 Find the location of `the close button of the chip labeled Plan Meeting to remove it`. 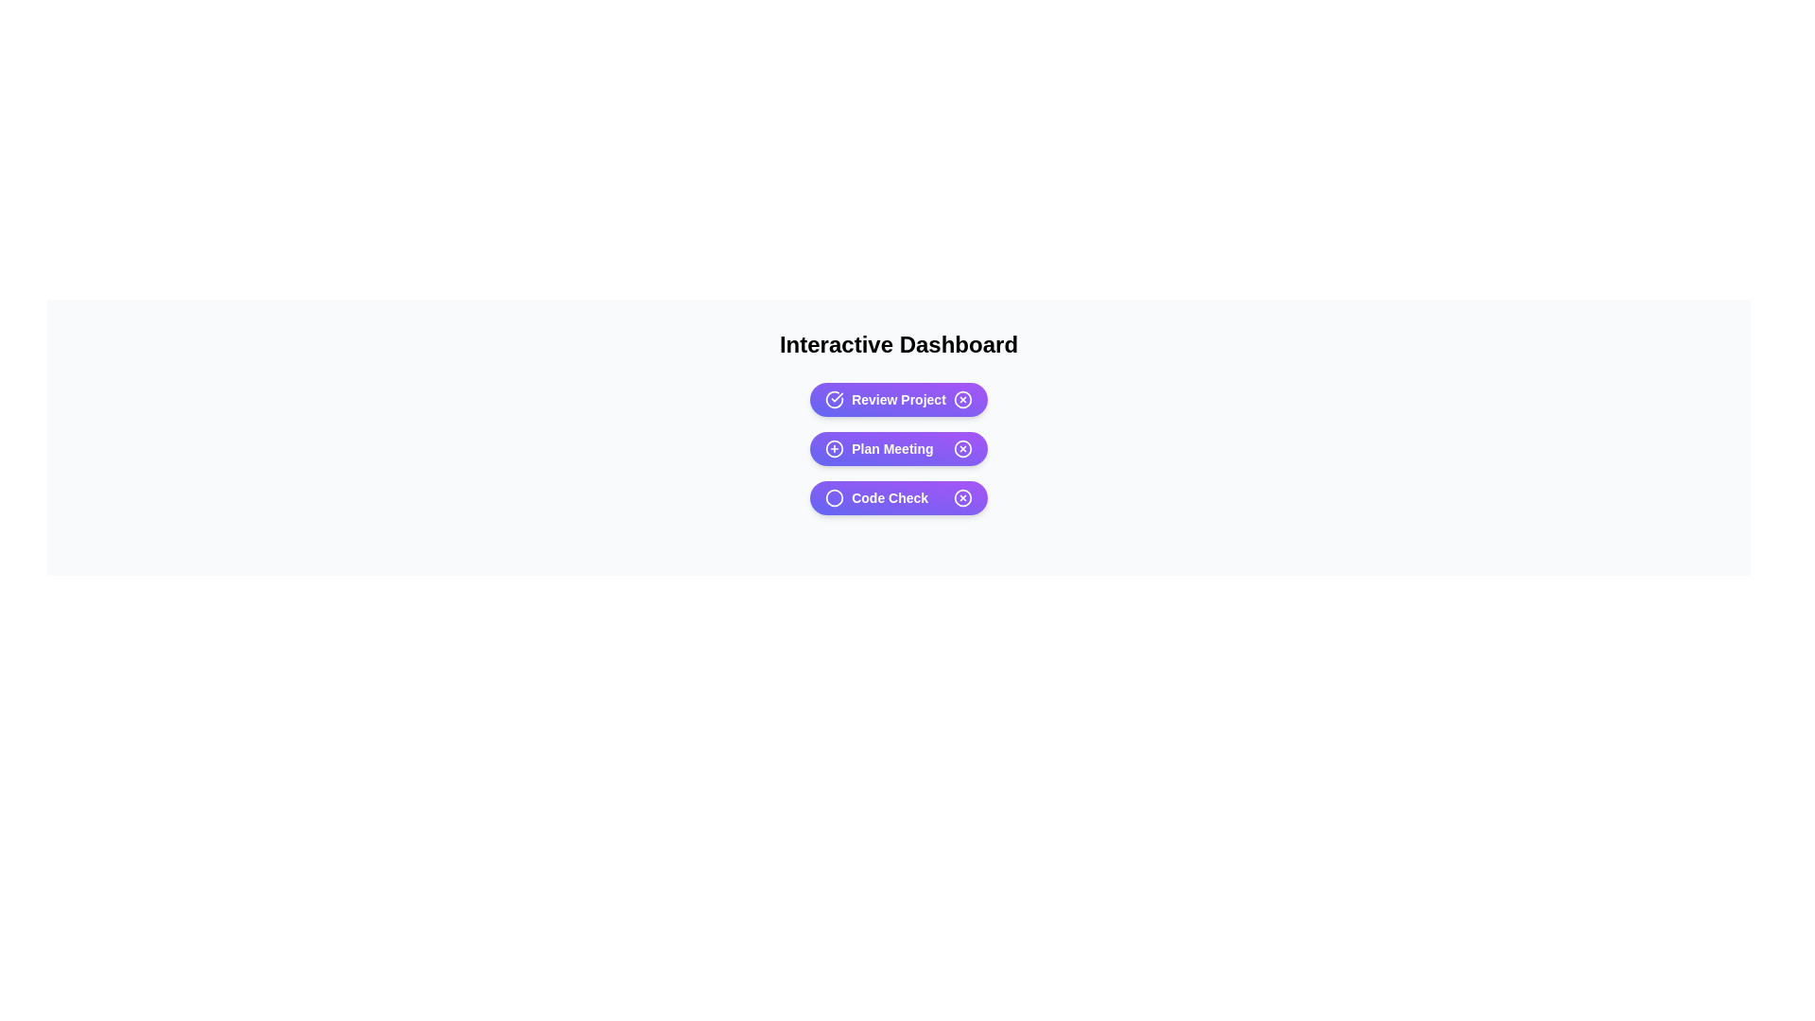

the close button of the chip labeled Plan Meeting to remove it is located at coordinates (962, 448).